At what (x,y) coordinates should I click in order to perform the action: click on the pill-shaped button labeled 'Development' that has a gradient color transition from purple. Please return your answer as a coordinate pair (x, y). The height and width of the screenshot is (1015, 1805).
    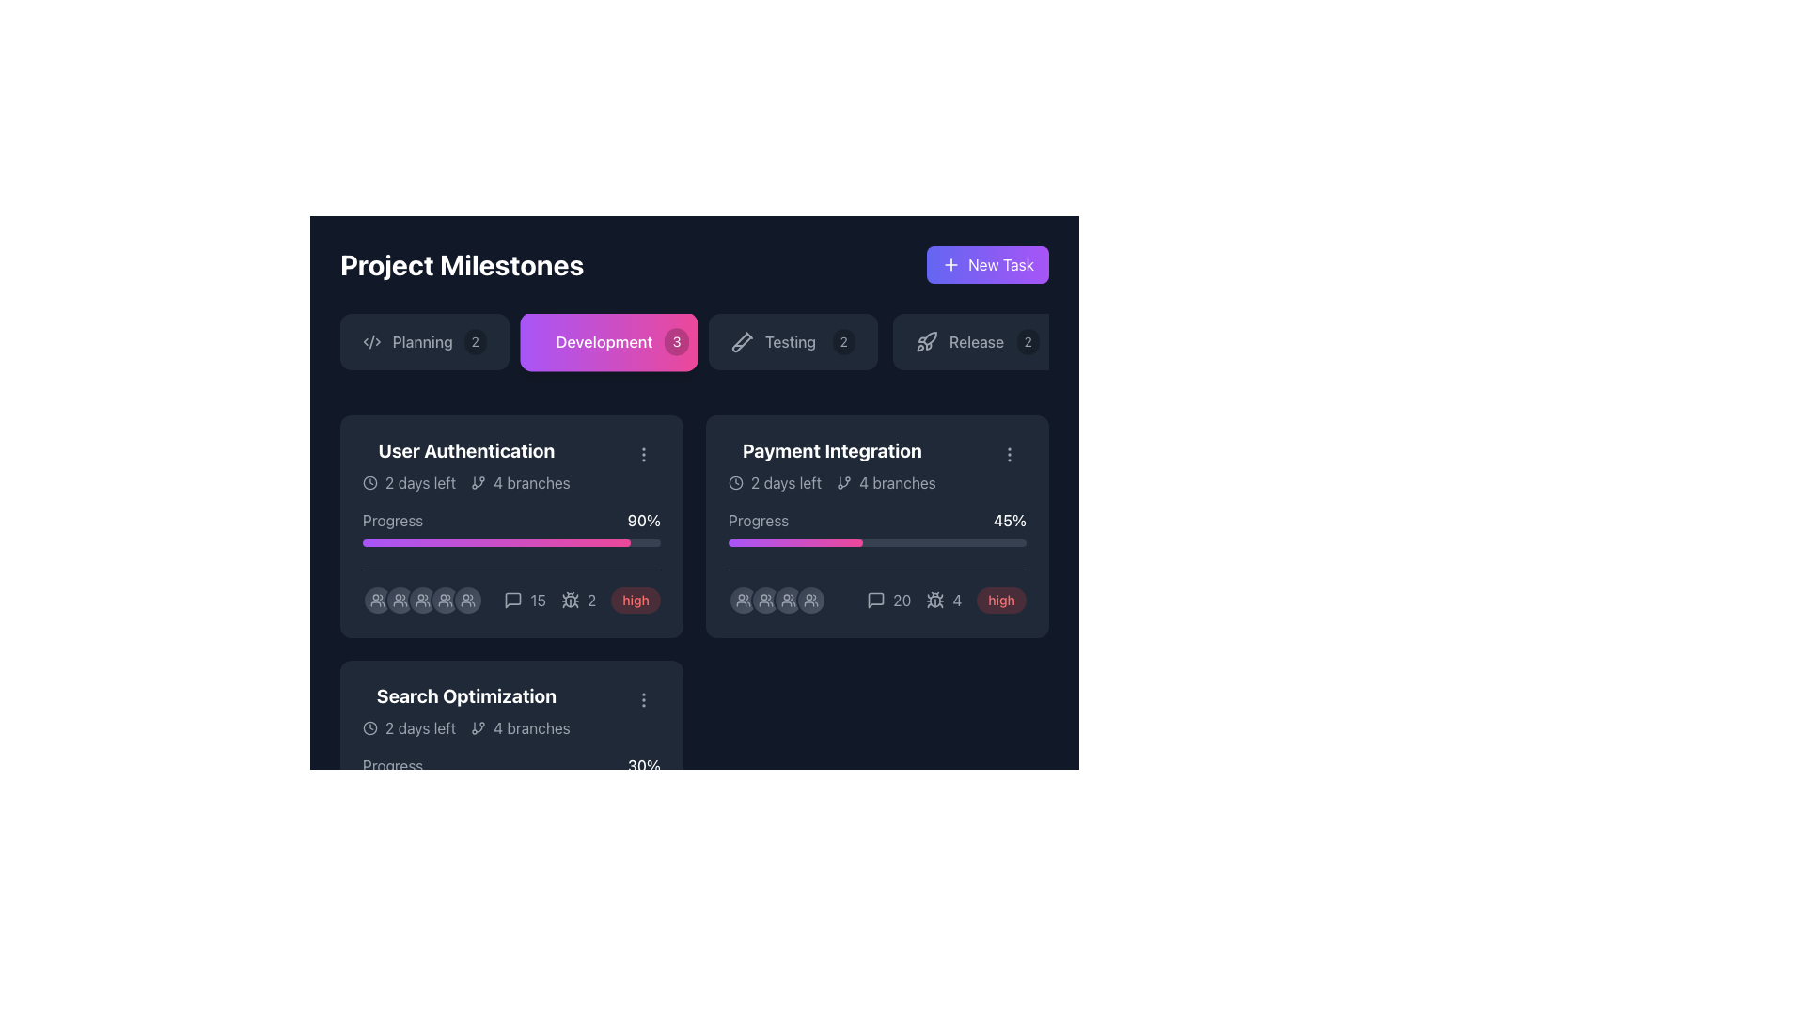
    Looking at the image, I should click on (694, 349).